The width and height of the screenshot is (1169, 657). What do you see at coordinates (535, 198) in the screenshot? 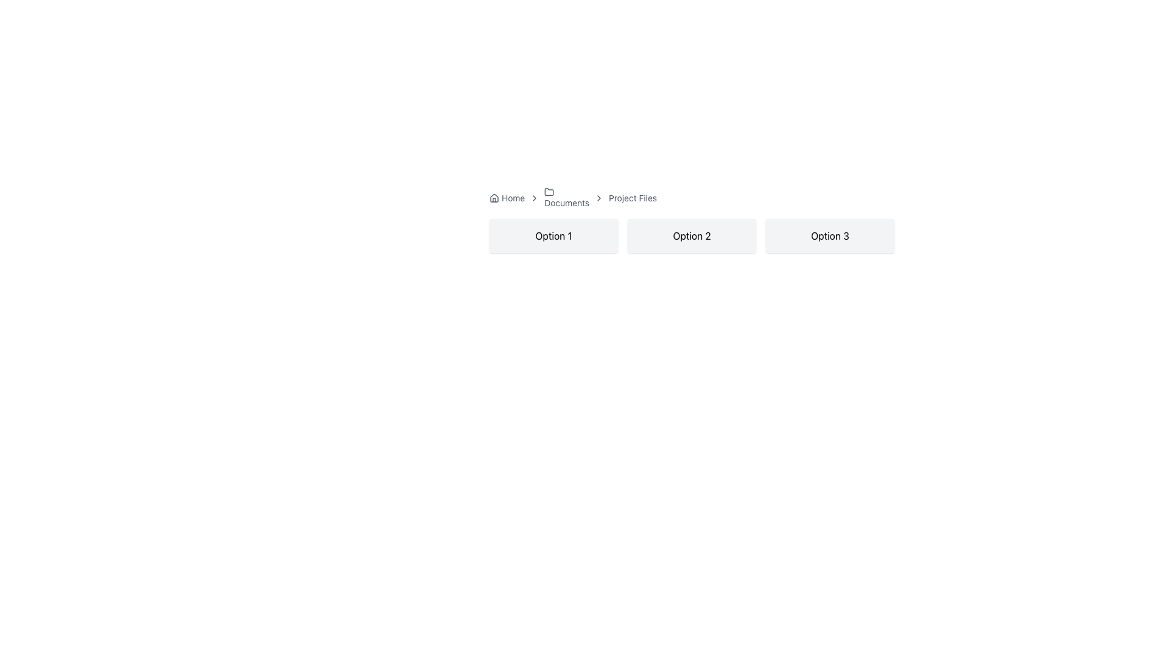
I see `the first right-facing chevron icon in the breadcrumb navigation bar for navigation purposes` at bounding box center [535, 198].